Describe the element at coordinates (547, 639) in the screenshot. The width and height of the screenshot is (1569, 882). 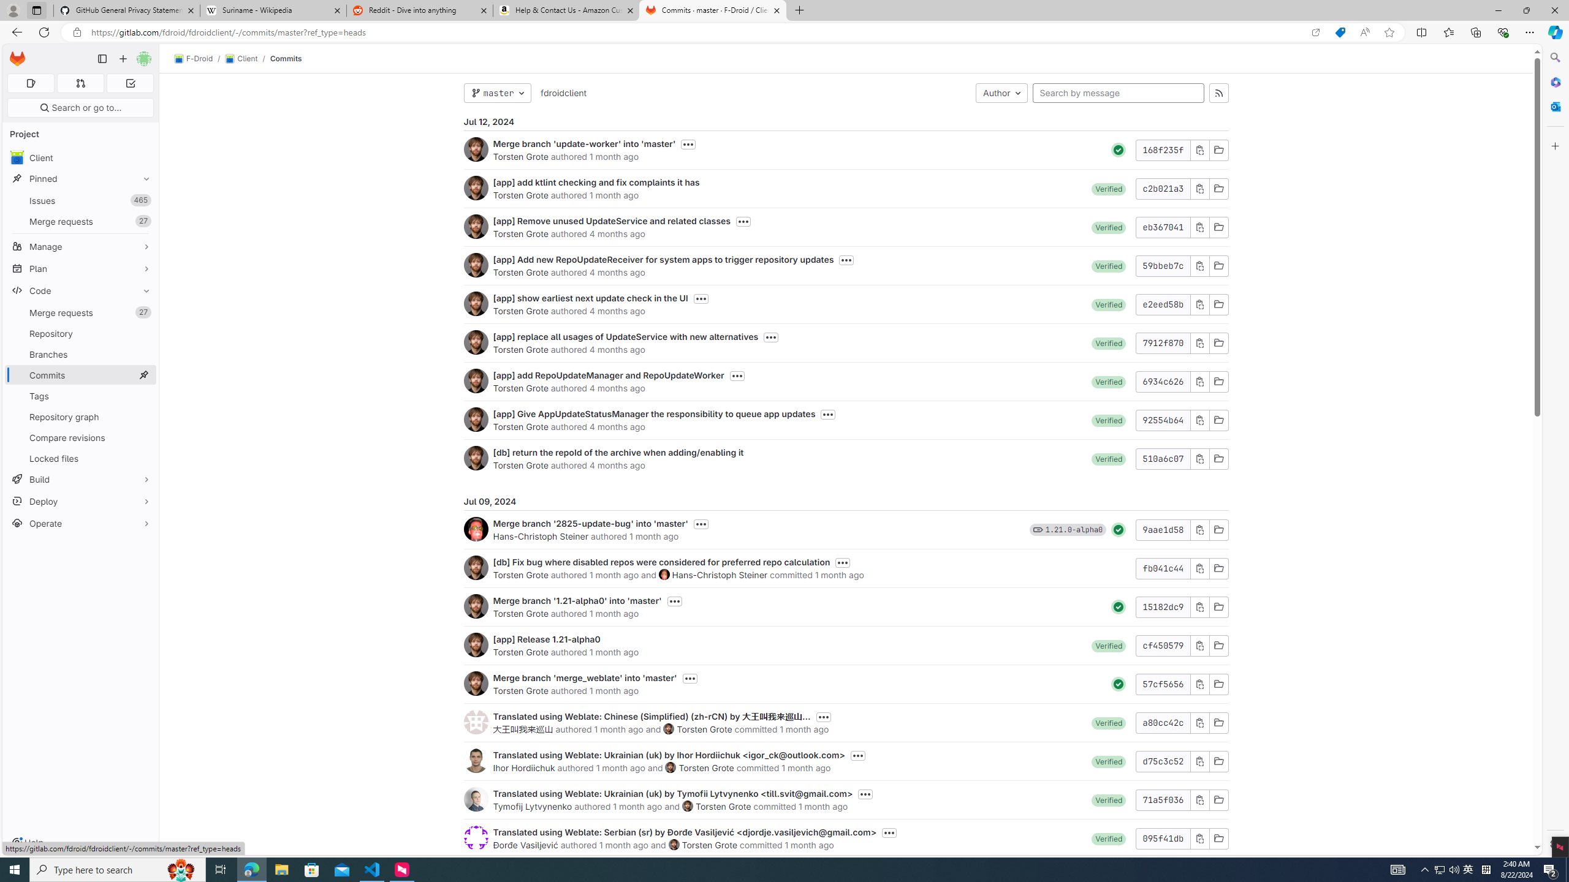
I see `'[app] Release 1.21-alpha0'` at that location.